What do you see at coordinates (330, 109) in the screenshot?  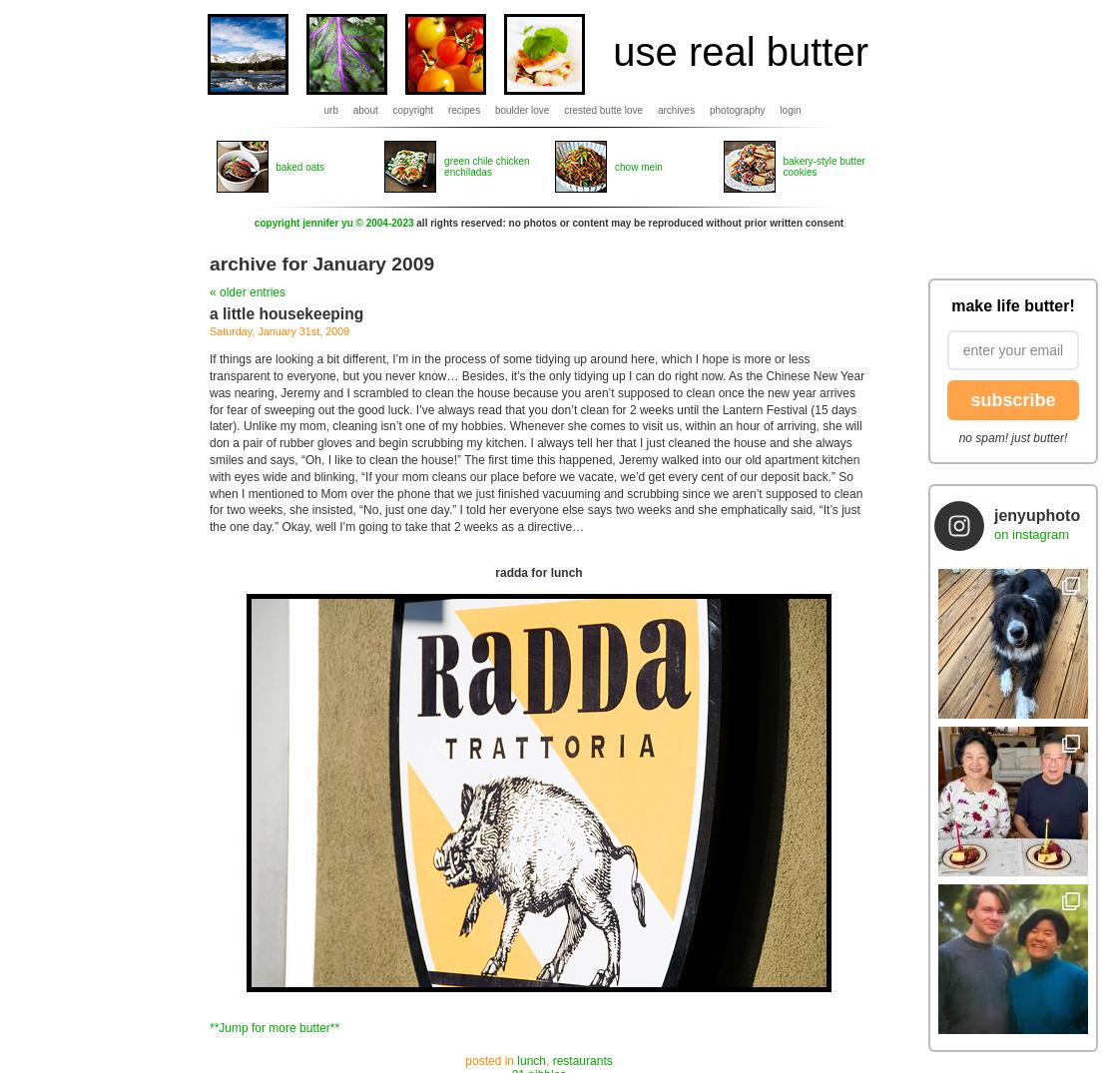 I see `'urb'` at bounding box center [330, 109].